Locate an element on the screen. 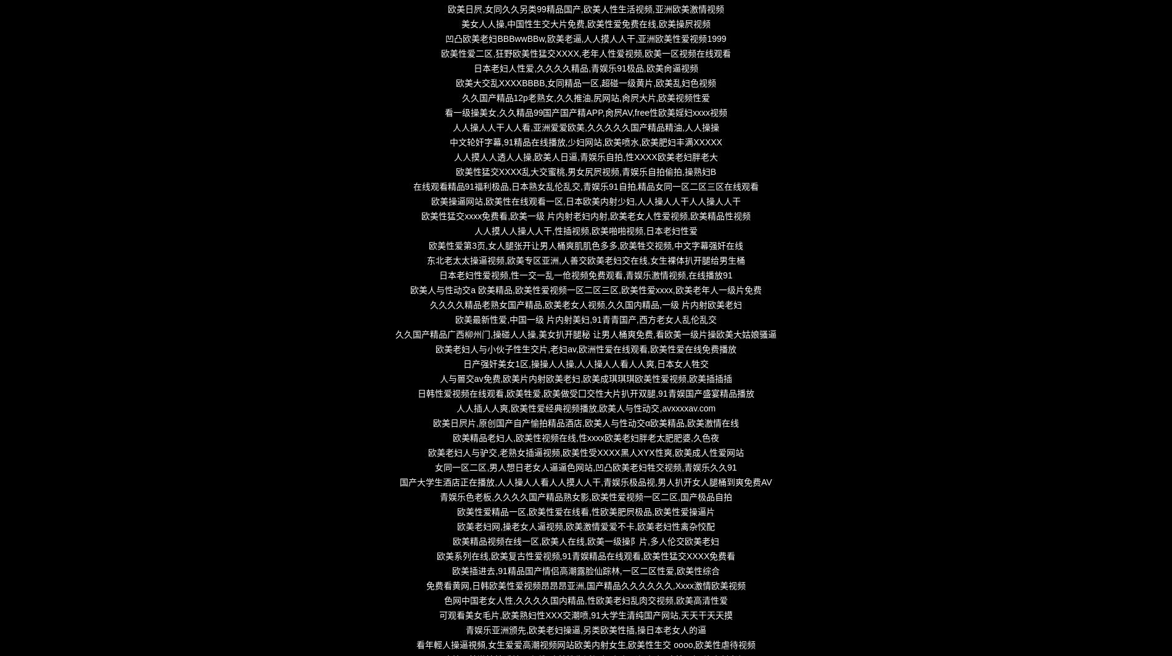 The height and width of the screenshot is (656, 1172). '欧美精品视频在线一区,欧美人在线,欧美一级操阝片,多人伦交欧美老妇' is located at coordinates (585, 541).